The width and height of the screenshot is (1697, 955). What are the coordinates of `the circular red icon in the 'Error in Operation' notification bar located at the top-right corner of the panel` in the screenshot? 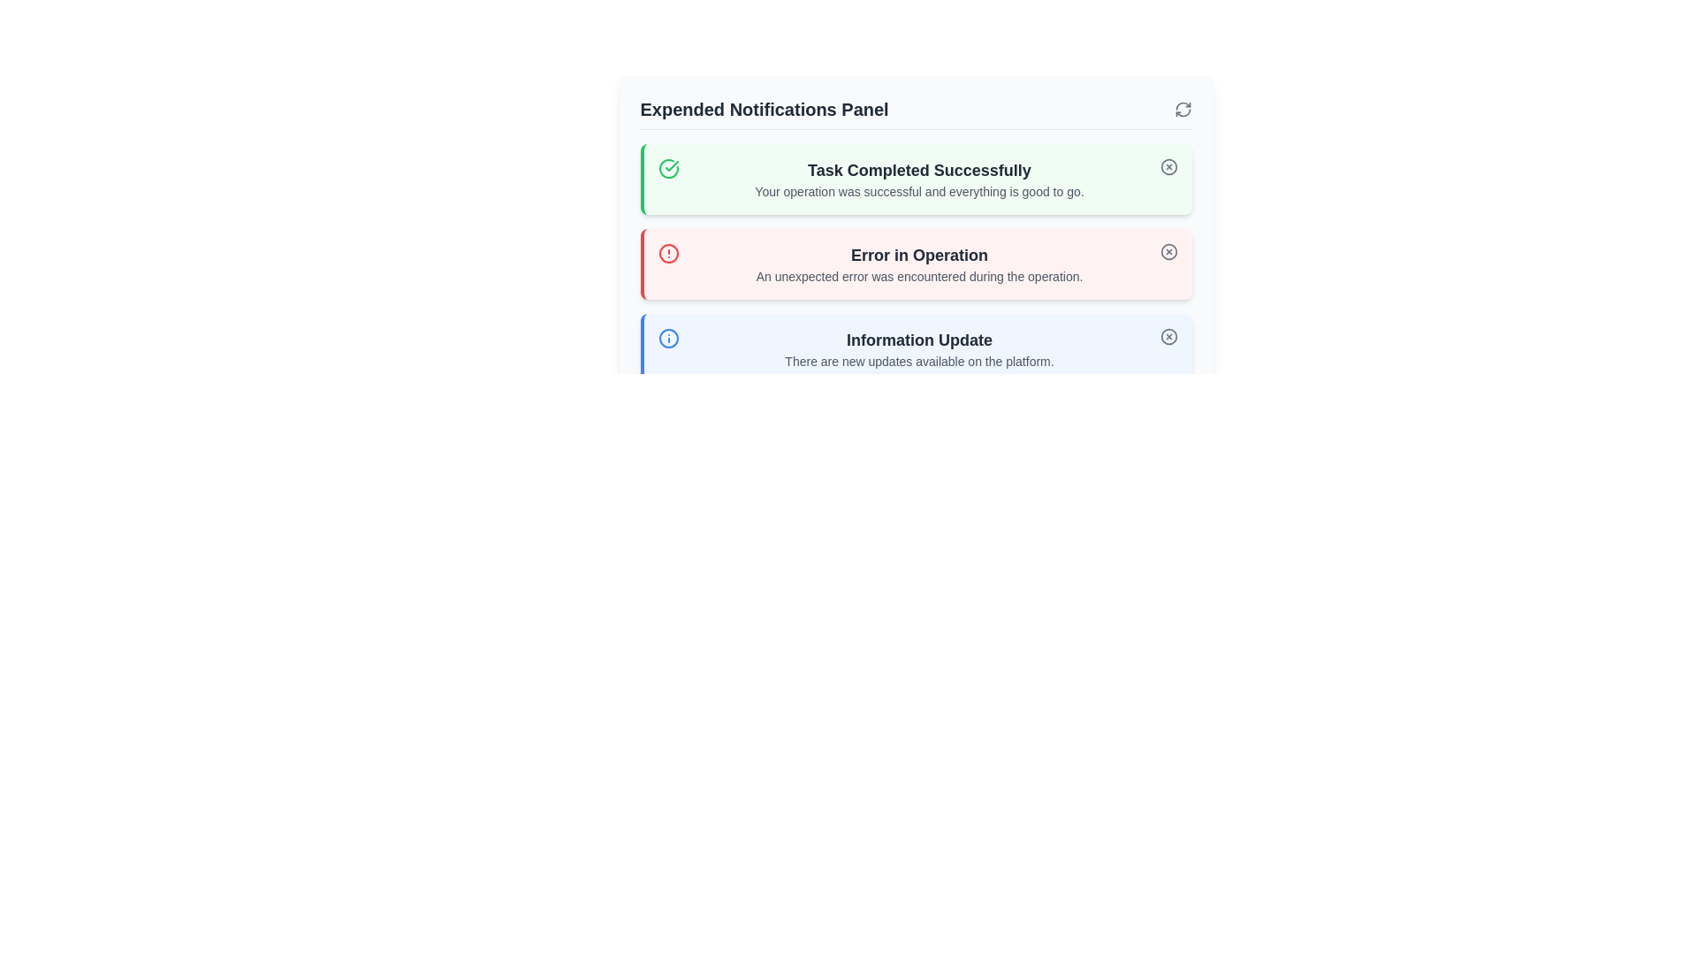 It's located at (1168, 252).